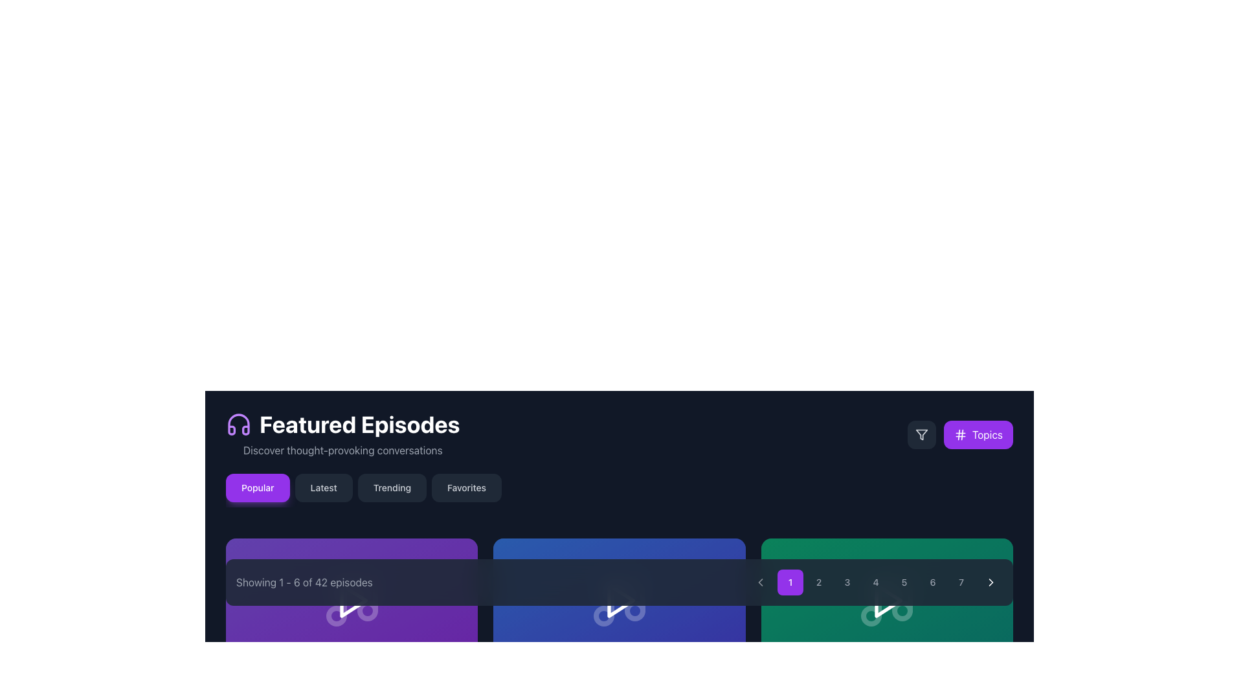 The height and width of the screenshot is (699, 1243). What do you see at coordinates (876, 581) in the screenshot?
I see `the fourth pagination button located between buttons '3' and '5'` at bounding box center [876, 581].